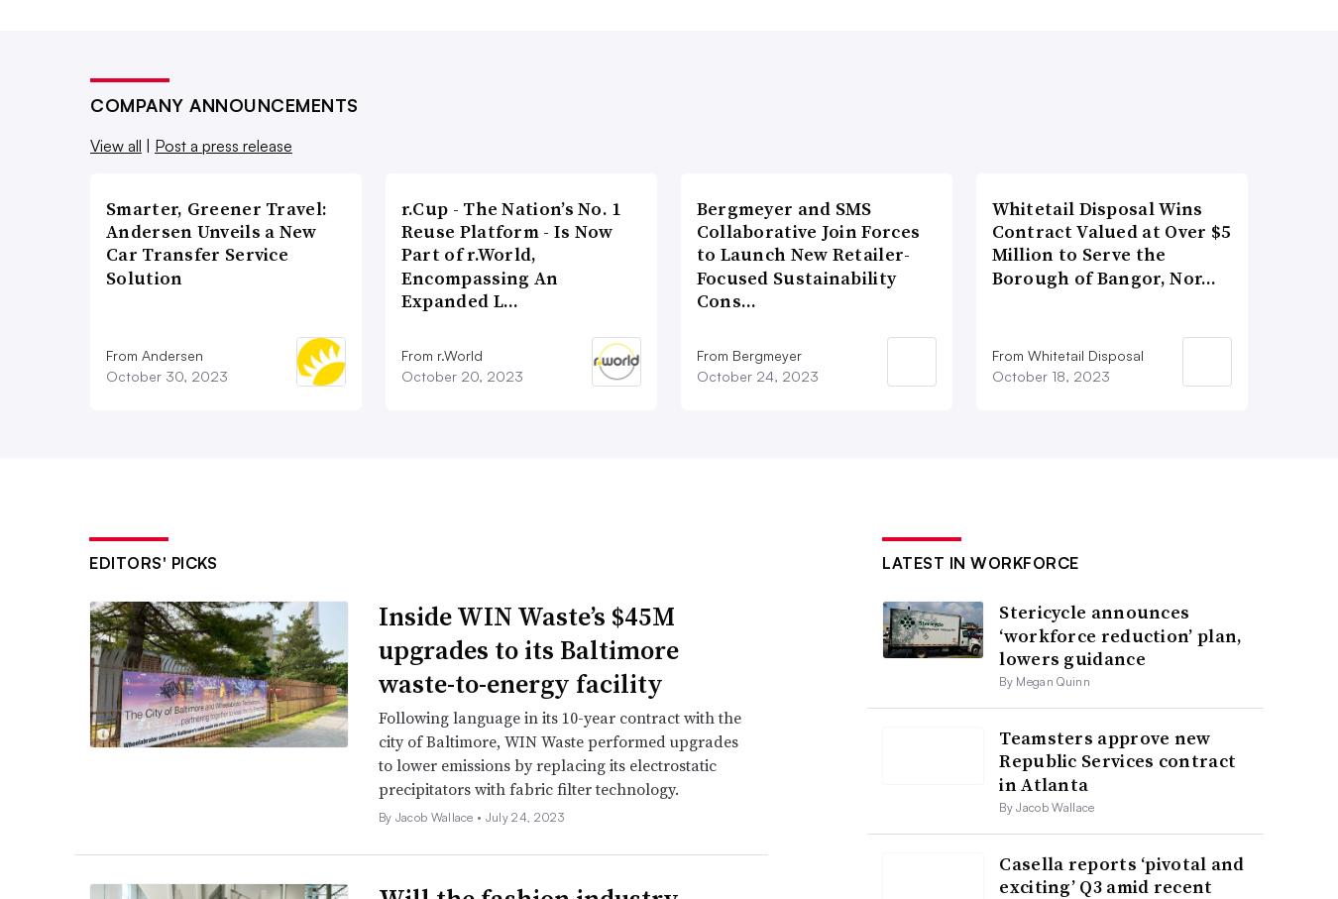  I want to click on 'By Jacob Wallace', so click(1046, 807).